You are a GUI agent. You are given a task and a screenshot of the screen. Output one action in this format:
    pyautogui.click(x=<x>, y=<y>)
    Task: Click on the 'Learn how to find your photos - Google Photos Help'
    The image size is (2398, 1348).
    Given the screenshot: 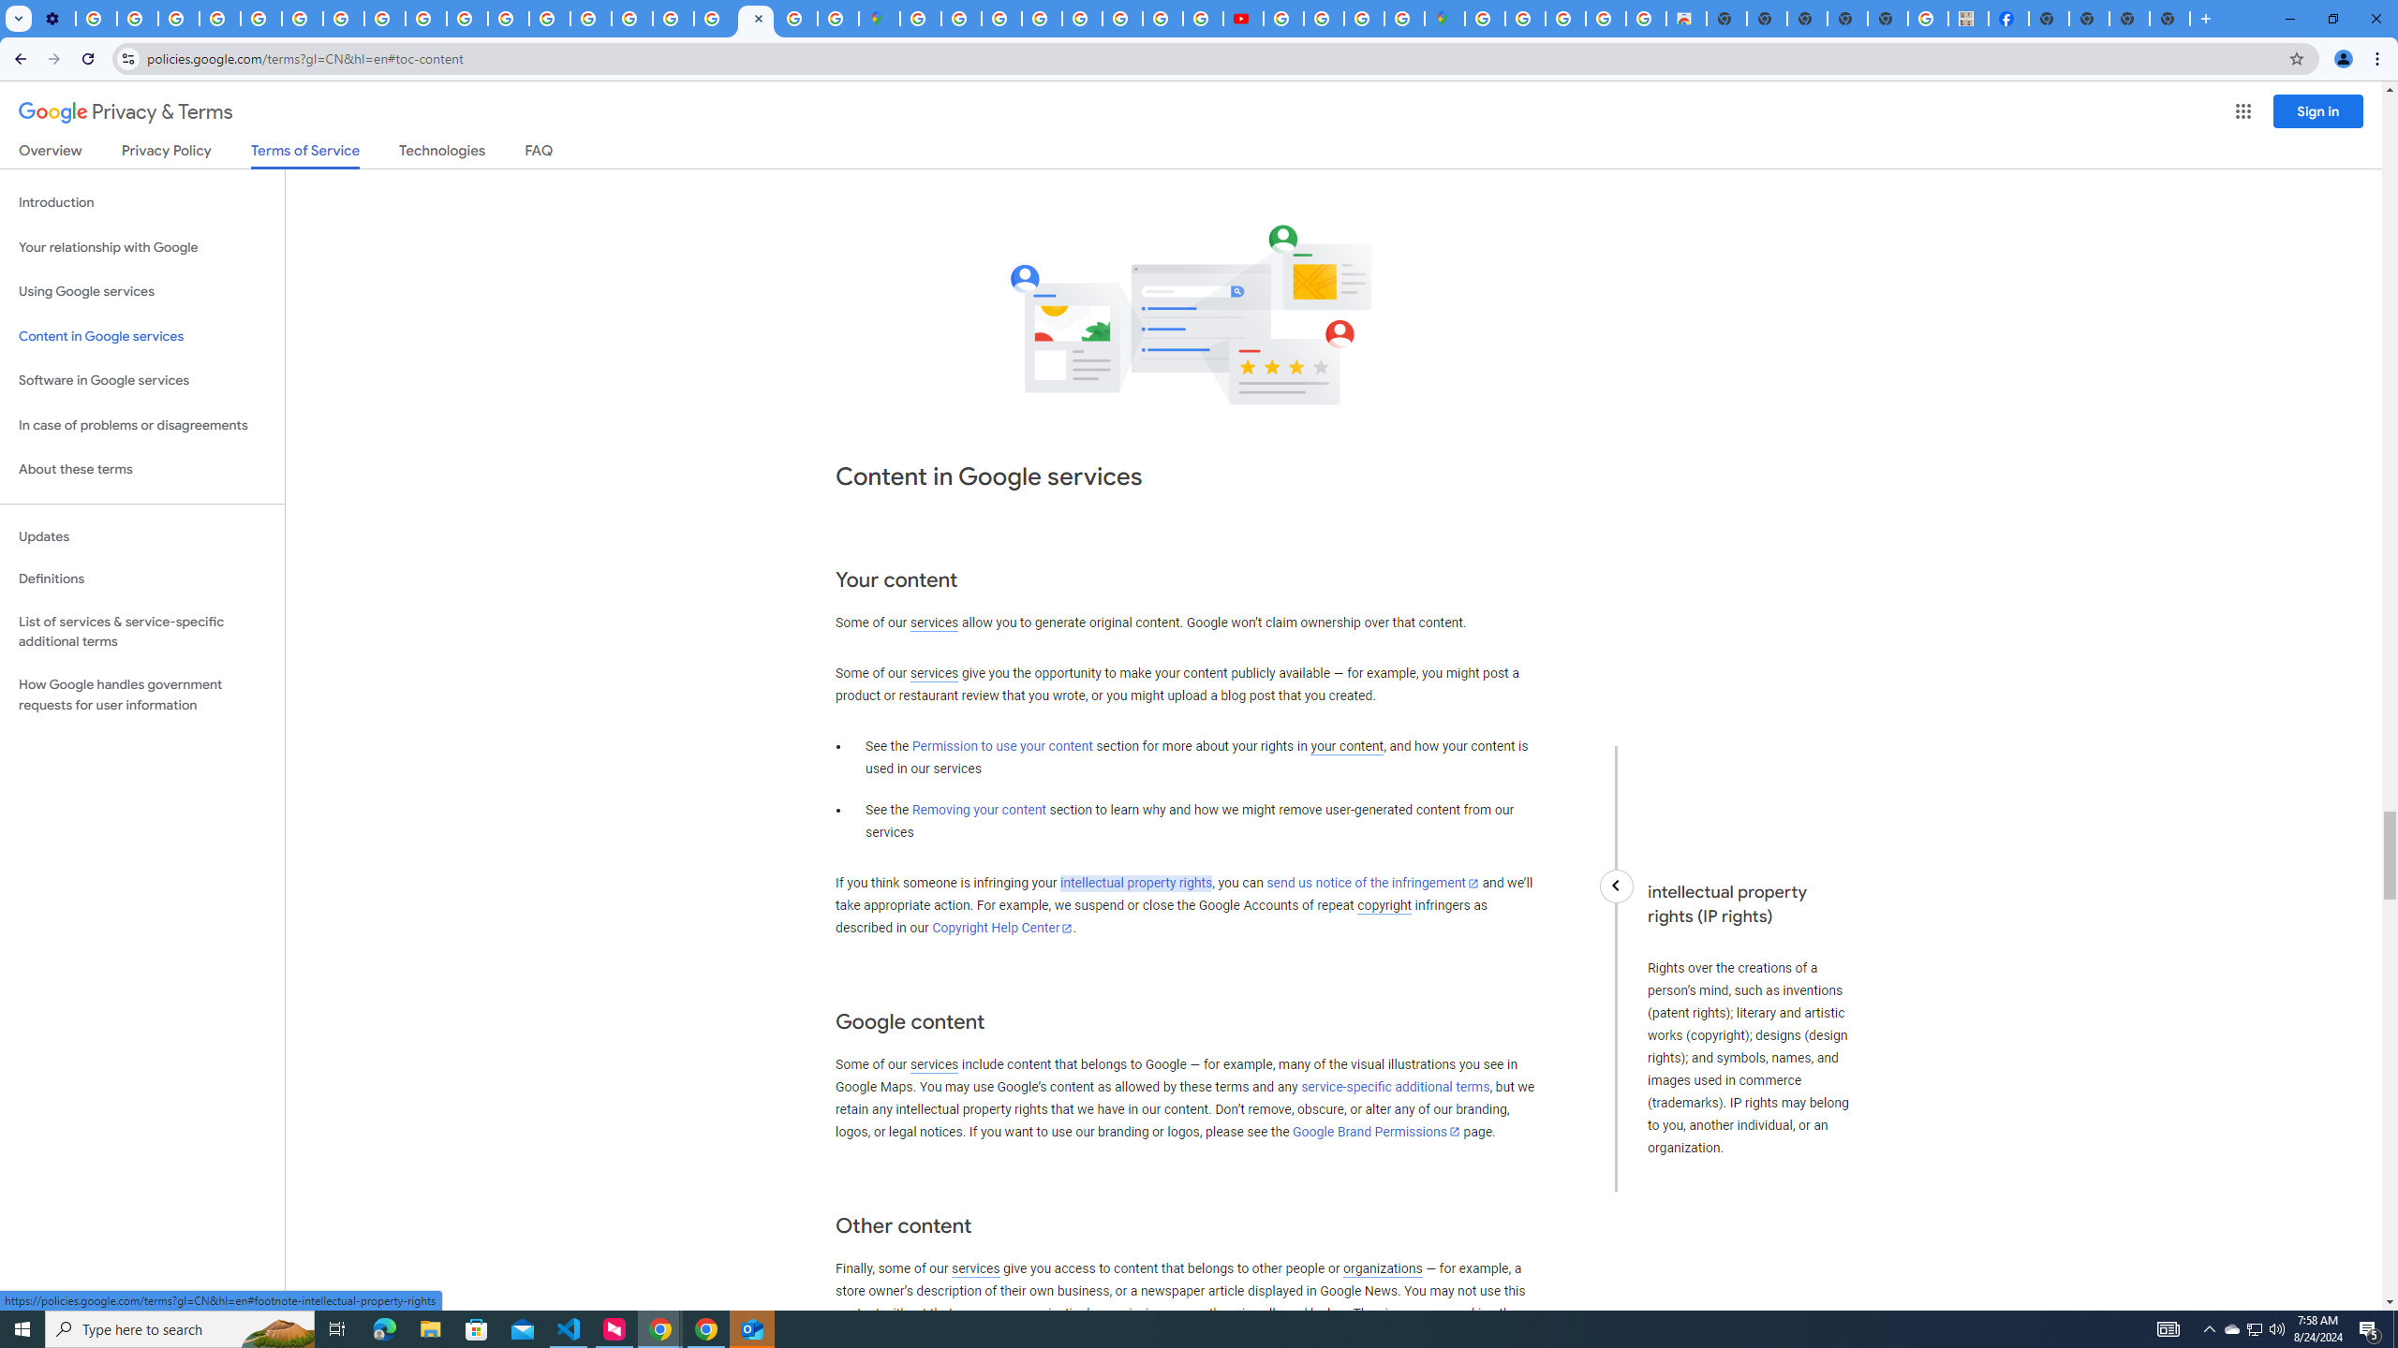 What is the action you would take?
    pyautogui.click(x=137, y=18)
    